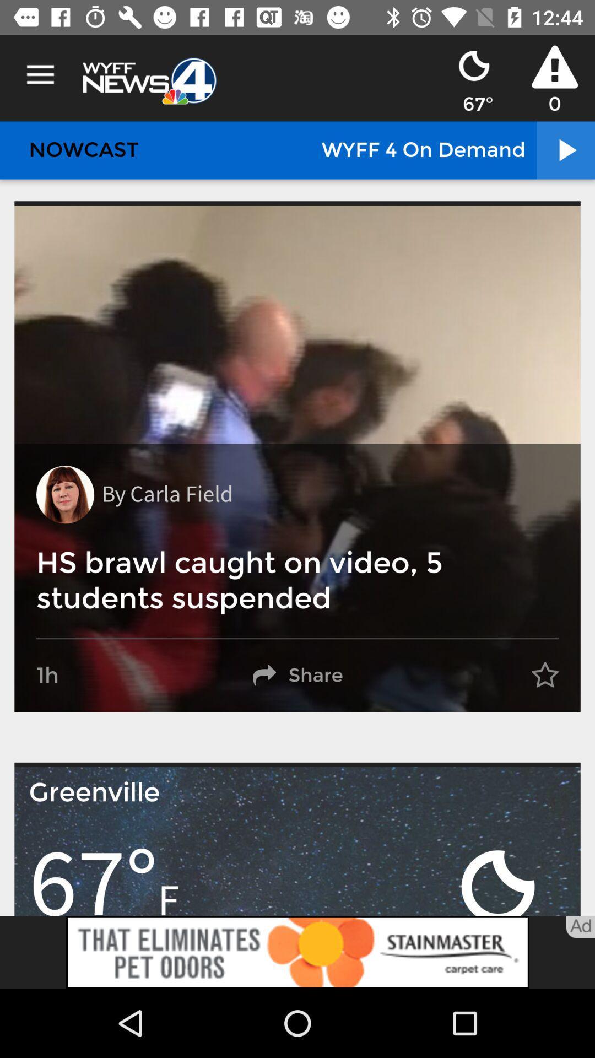 The width and height of the screenshot is (595, 1058). Describe the element at coordinates (297, 952) in the screenshot. I see `open the advertisement` at that location.